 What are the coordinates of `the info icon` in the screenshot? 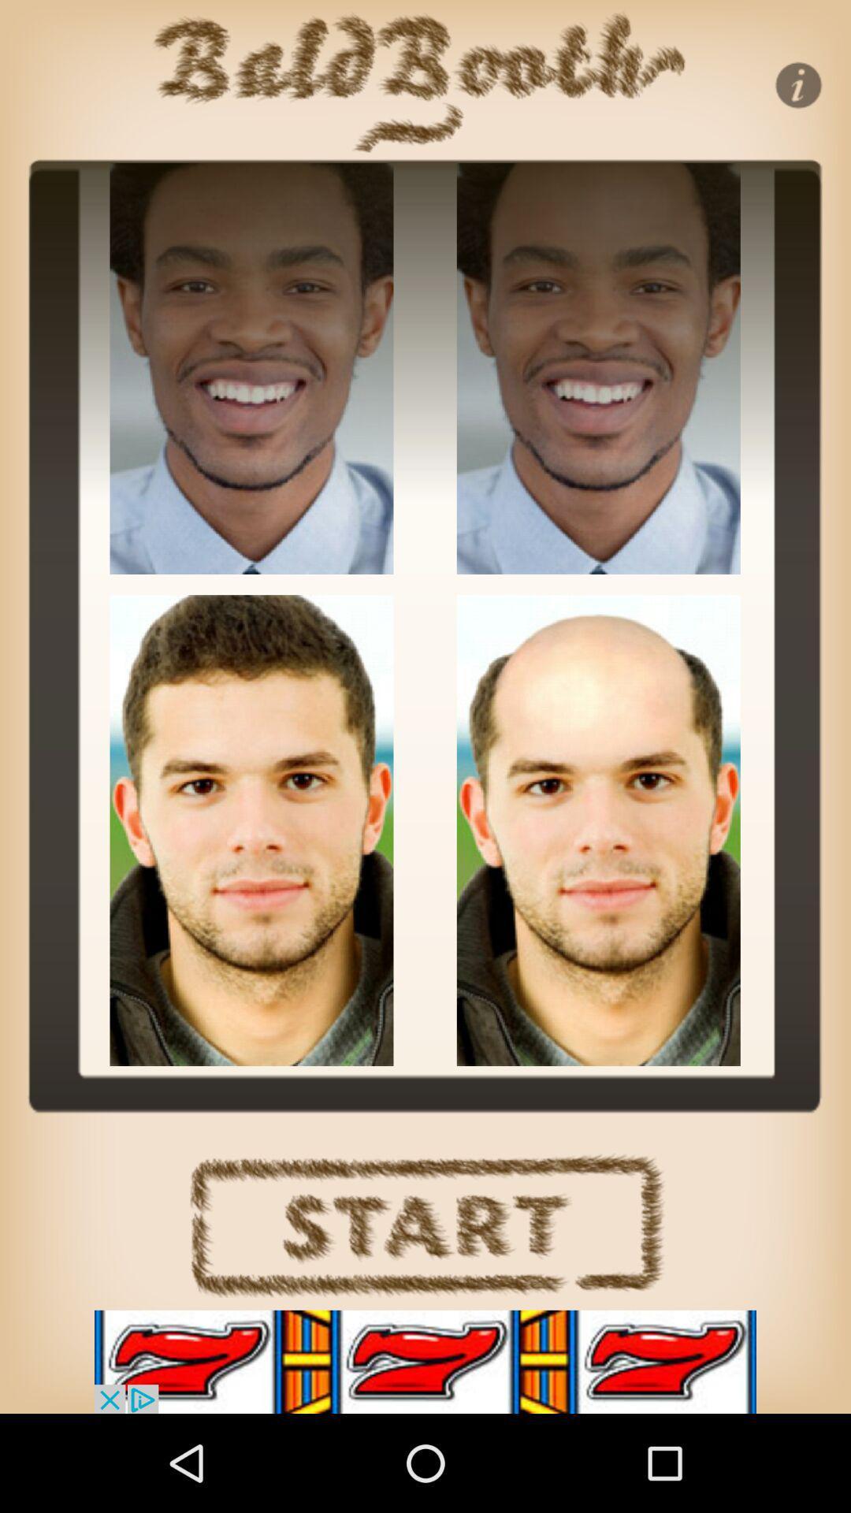 It's located at (798, 84).